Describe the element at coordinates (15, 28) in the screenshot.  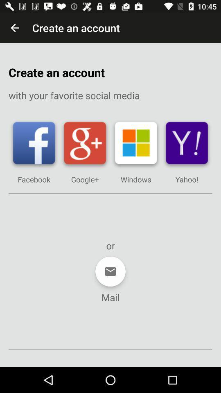
I see `the app next to create an account icon` at that location.